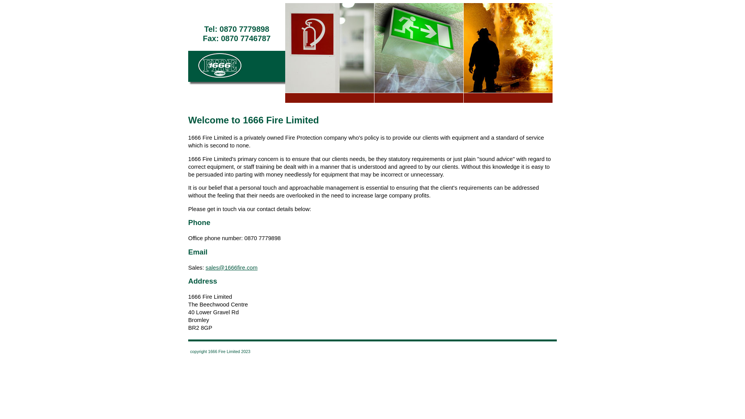 This screenshot has height=419, width=745. What do you see at coordinates (231, 267) in the screenshot?
I see `'sales@1666fire.com'` at bounding box center [231, 267].